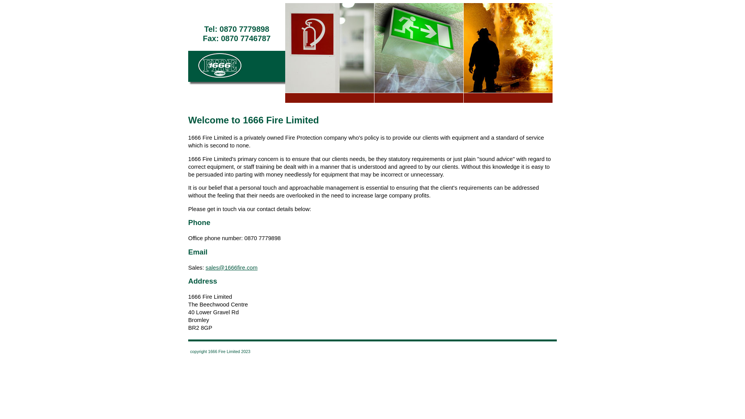 This screenshot has height=419, width=745. What do you see at coordinates (231, 267) in the screenshot?
I see `'sales@1666fire.com'` at bounding box center [231, 267].